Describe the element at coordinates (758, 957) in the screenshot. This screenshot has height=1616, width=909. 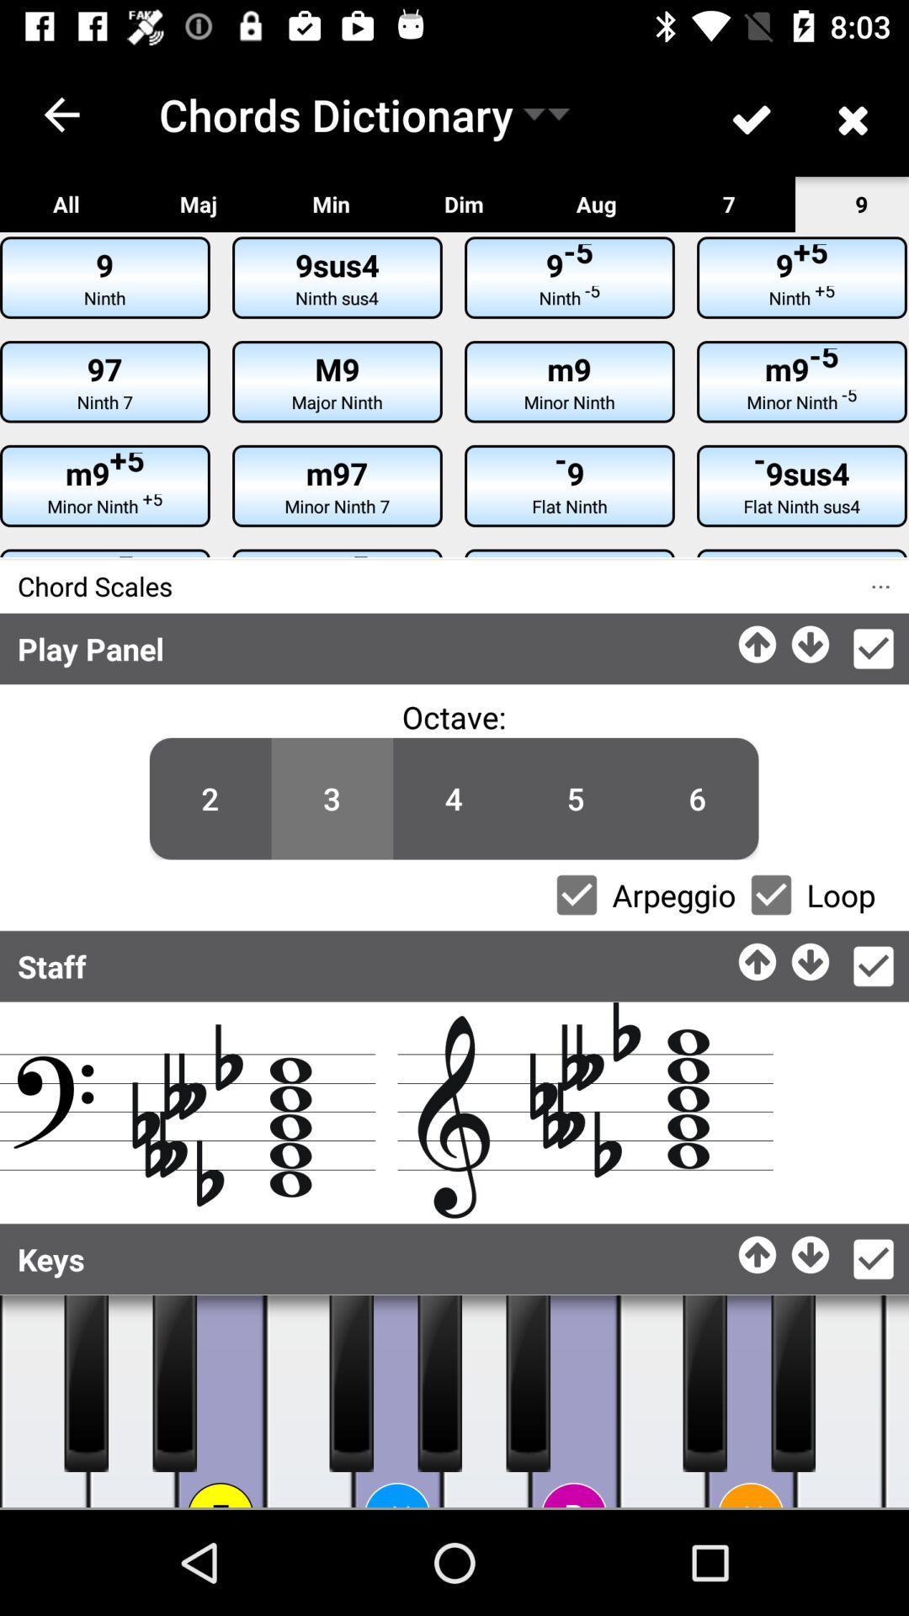
I see `upload` at that location.